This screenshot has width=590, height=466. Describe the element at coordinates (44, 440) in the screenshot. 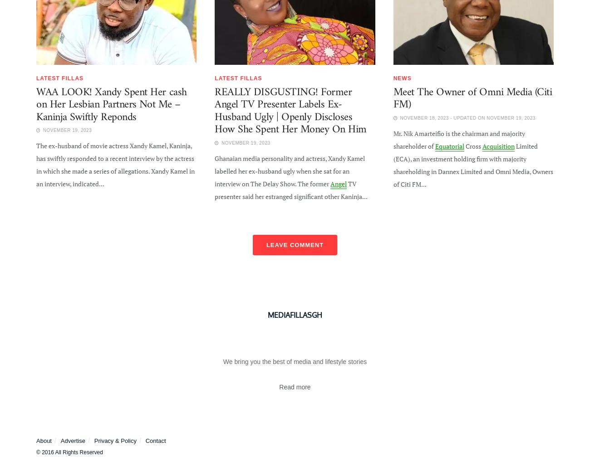

I see `'About'` at that location.